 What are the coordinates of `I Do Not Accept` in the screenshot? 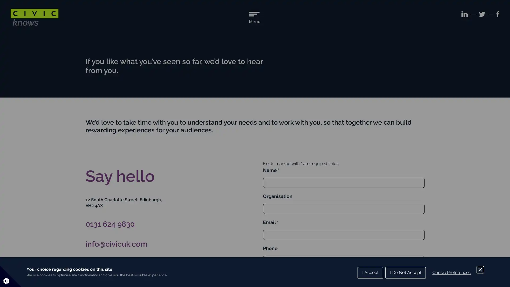 It's located at (405, 273).